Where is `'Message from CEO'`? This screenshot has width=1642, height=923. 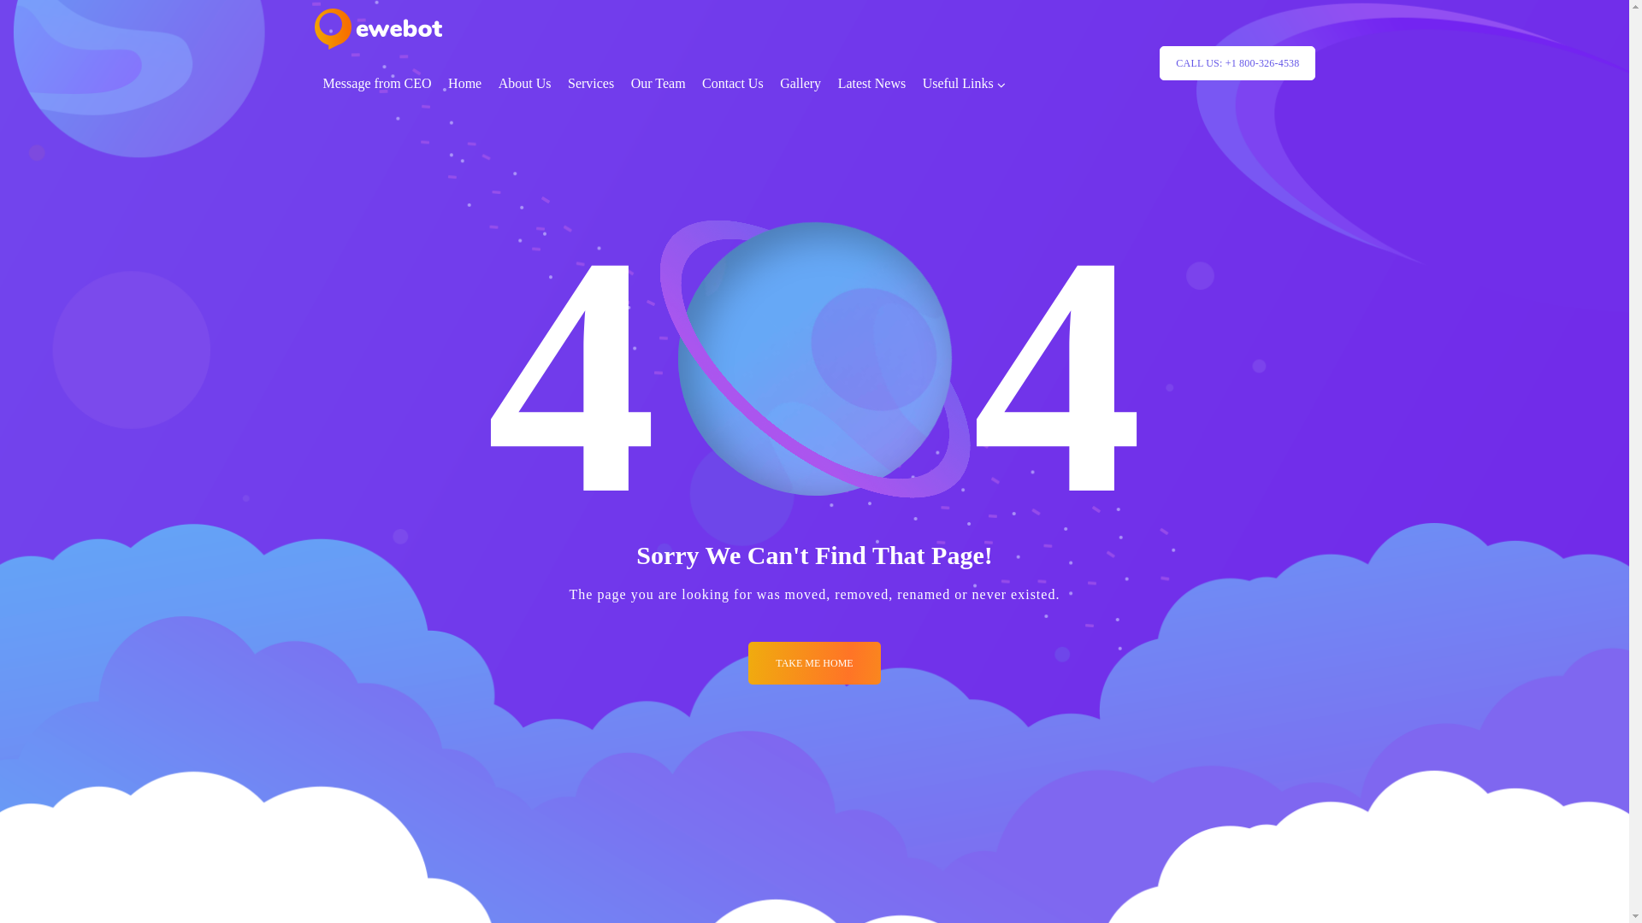 'Message from CEO' is located at coordinates (376, 83).